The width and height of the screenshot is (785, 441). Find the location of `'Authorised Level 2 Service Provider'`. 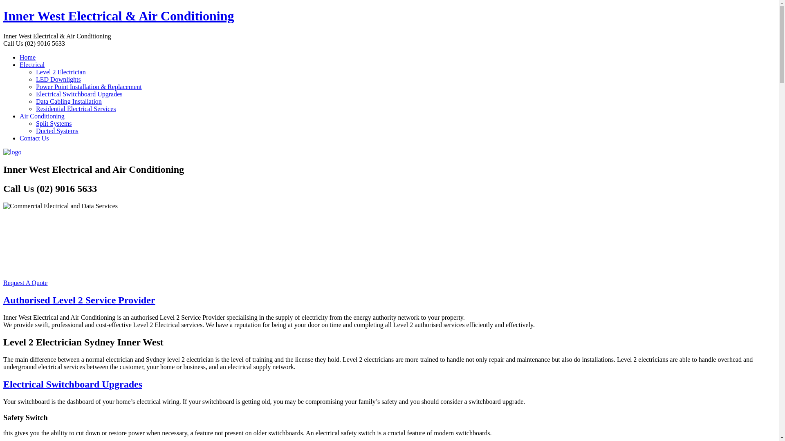

'Authorised Level 2 Service Provider' is located at coordinates (3, 300).